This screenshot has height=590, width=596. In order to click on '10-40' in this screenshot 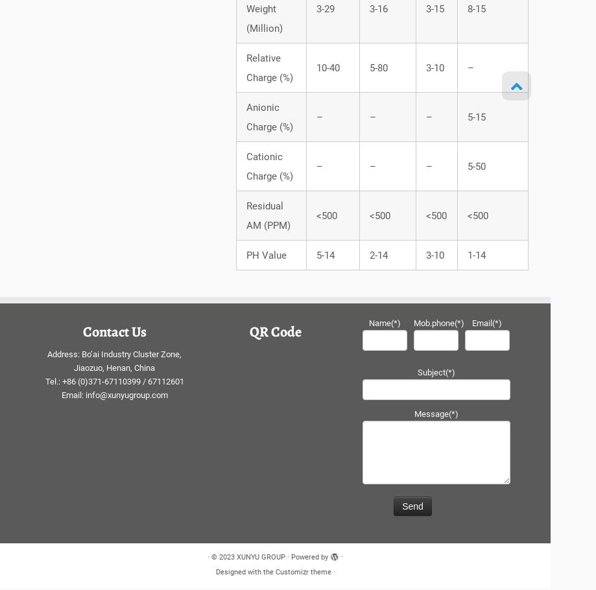, I will do `click(326, 71)`.